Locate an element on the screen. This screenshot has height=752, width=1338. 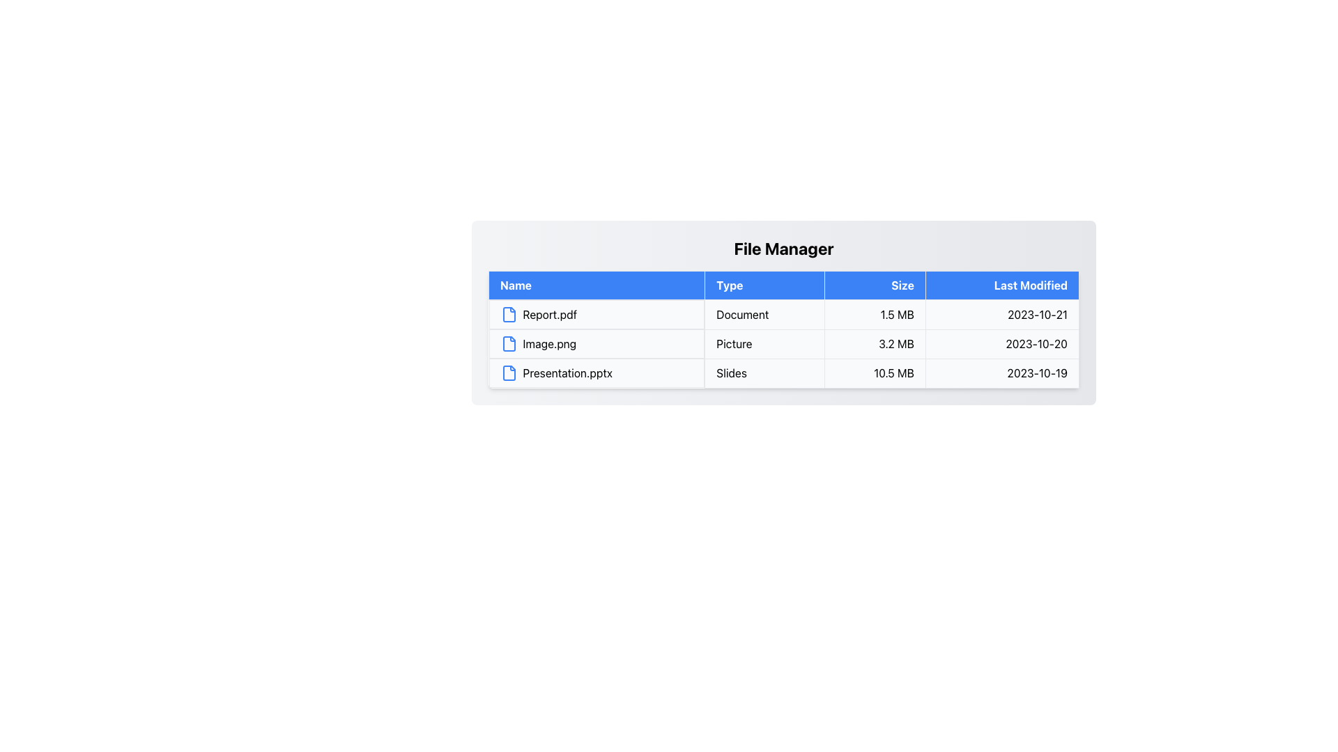
the document icon representing 'Report.pdf' in the first row of the table is located at coordinates (508, 314).